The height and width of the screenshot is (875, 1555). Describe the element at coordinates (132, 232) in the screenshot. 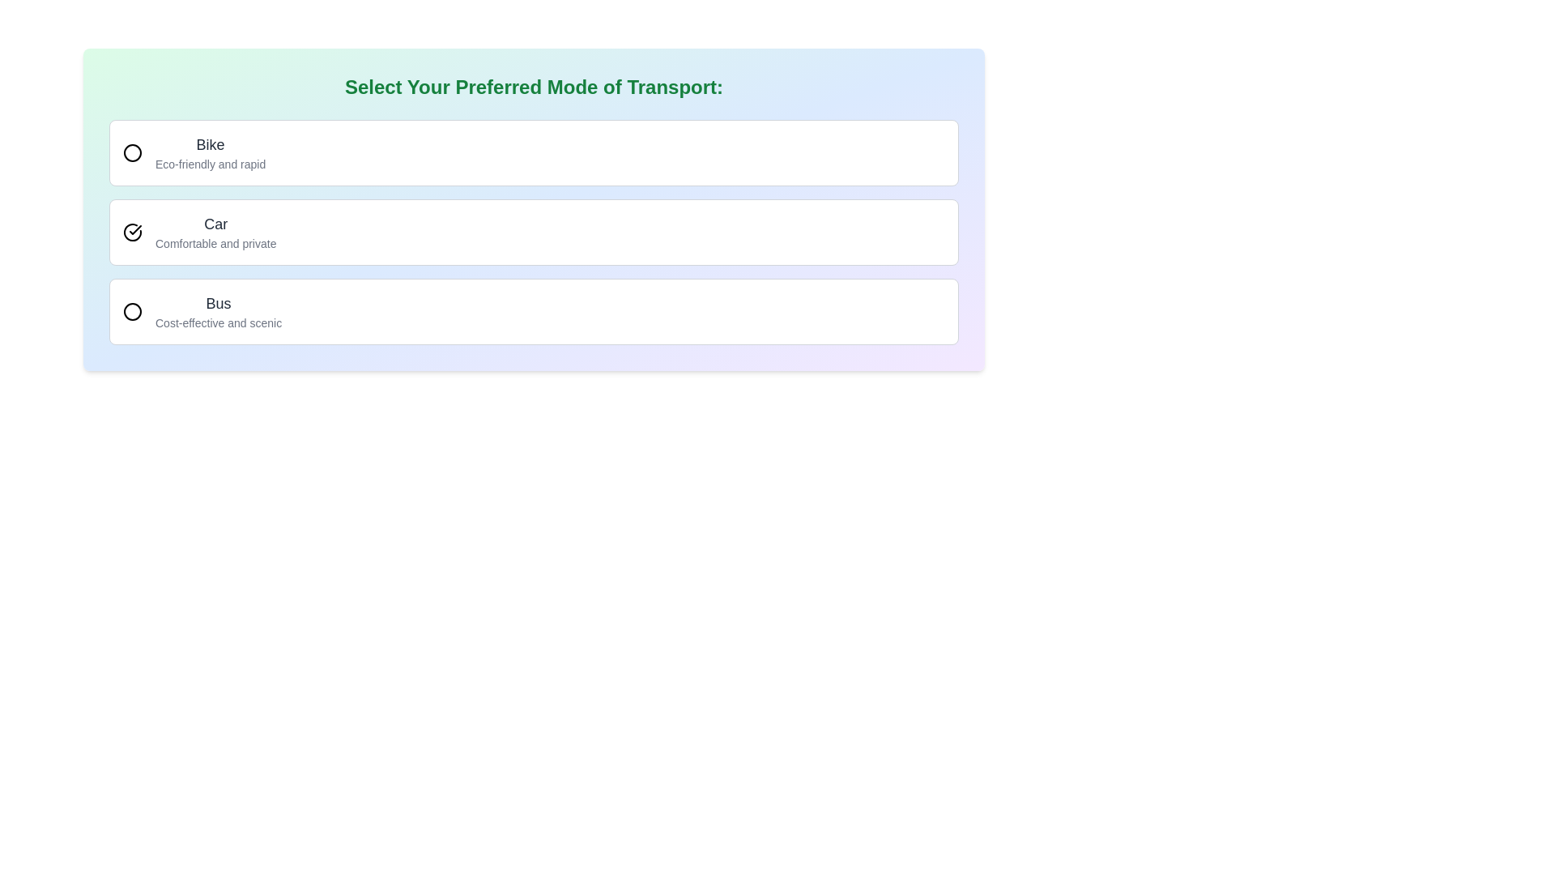

I see `the circular check icon with a tick inside, located within the selectable option labeled 'Car'` at that location.